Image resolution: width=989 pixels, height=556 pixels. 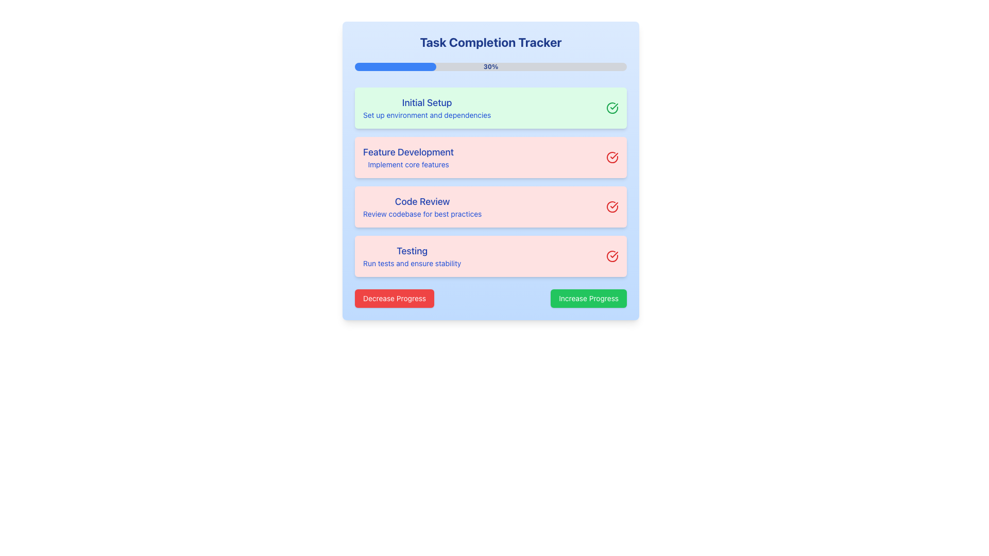 What do you see at coordinates (612, 108) in the screenshot?
I see `the green circular checkmark icon indicating a completed task in the 'Initial Setup' task row of the progress tracker interface` at bounding box center [612, 108].